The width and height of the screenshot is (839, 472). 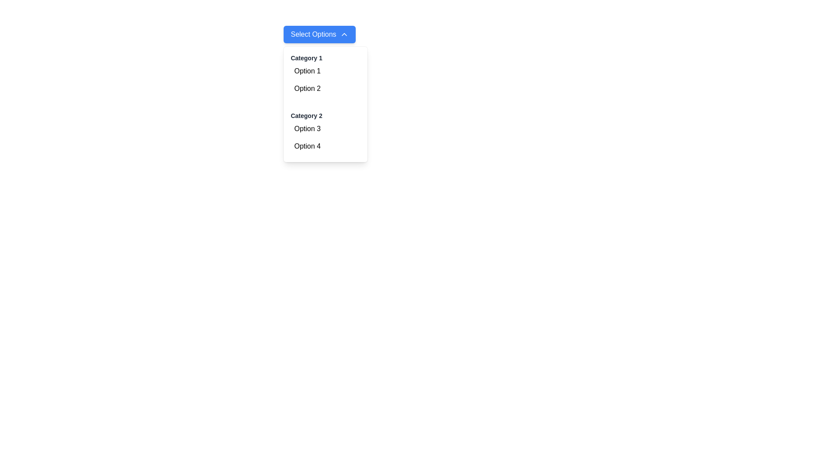 What do you see at coordinates (325, 133) in the screenshot?
I see `one of the options under 'Category 2', which groups 'Option 3' and 'Option 4' in the dropdown menu` at bounding box center [325, 133].